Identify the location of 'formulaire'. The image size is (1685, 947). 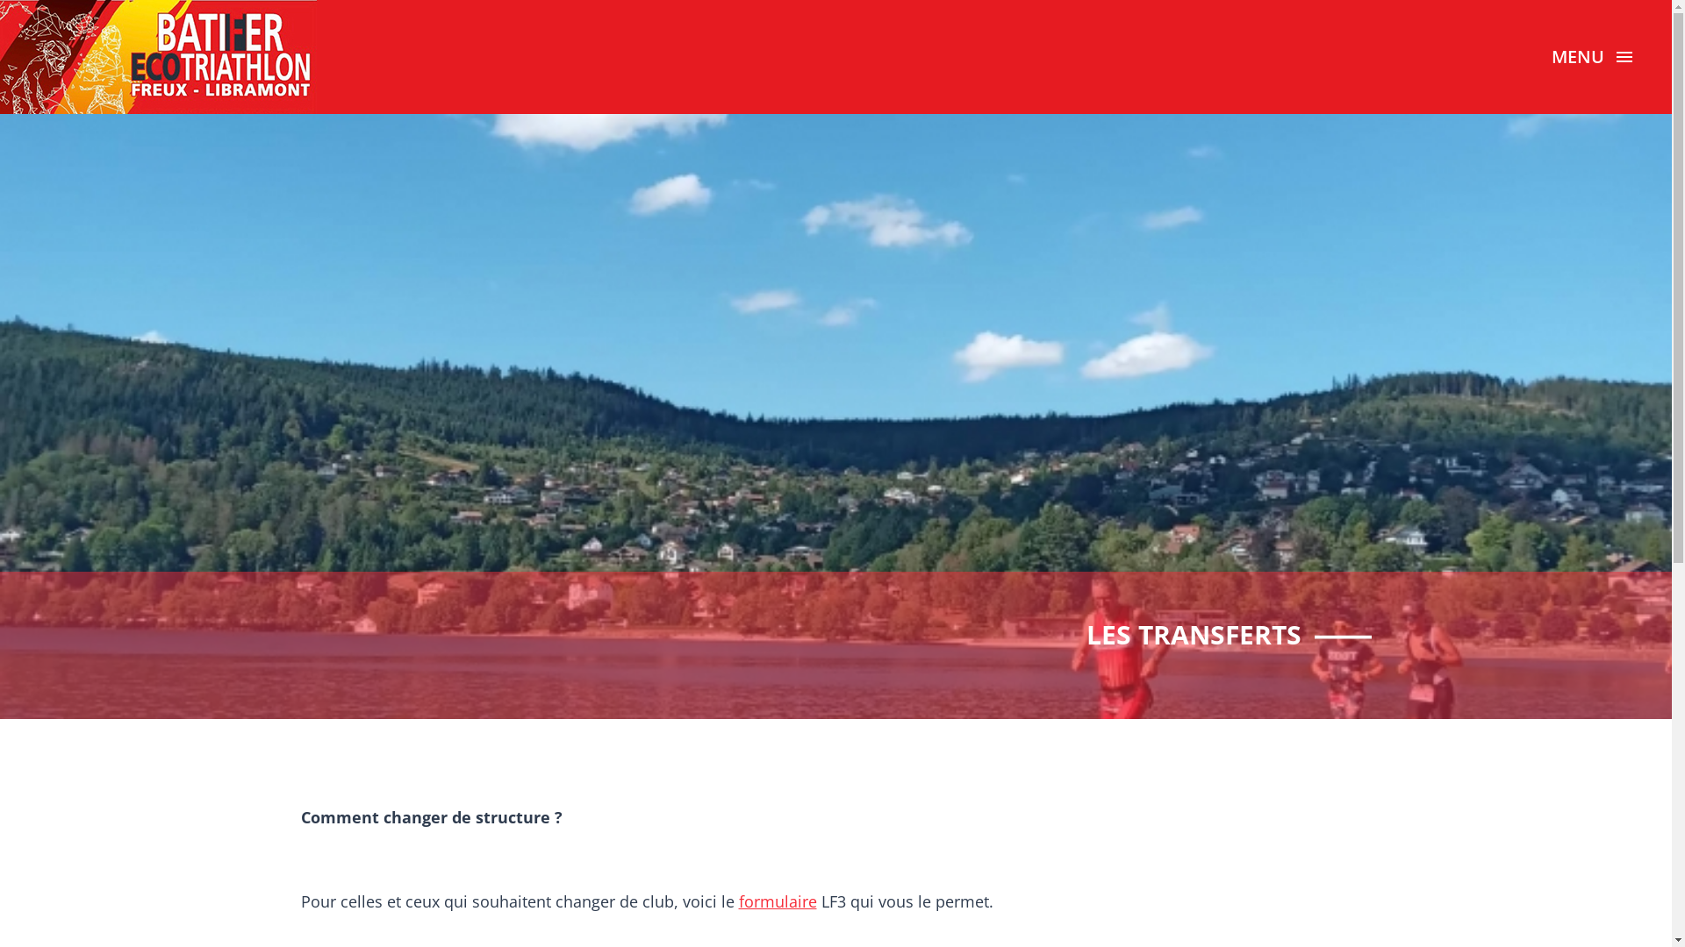
(738, 901).